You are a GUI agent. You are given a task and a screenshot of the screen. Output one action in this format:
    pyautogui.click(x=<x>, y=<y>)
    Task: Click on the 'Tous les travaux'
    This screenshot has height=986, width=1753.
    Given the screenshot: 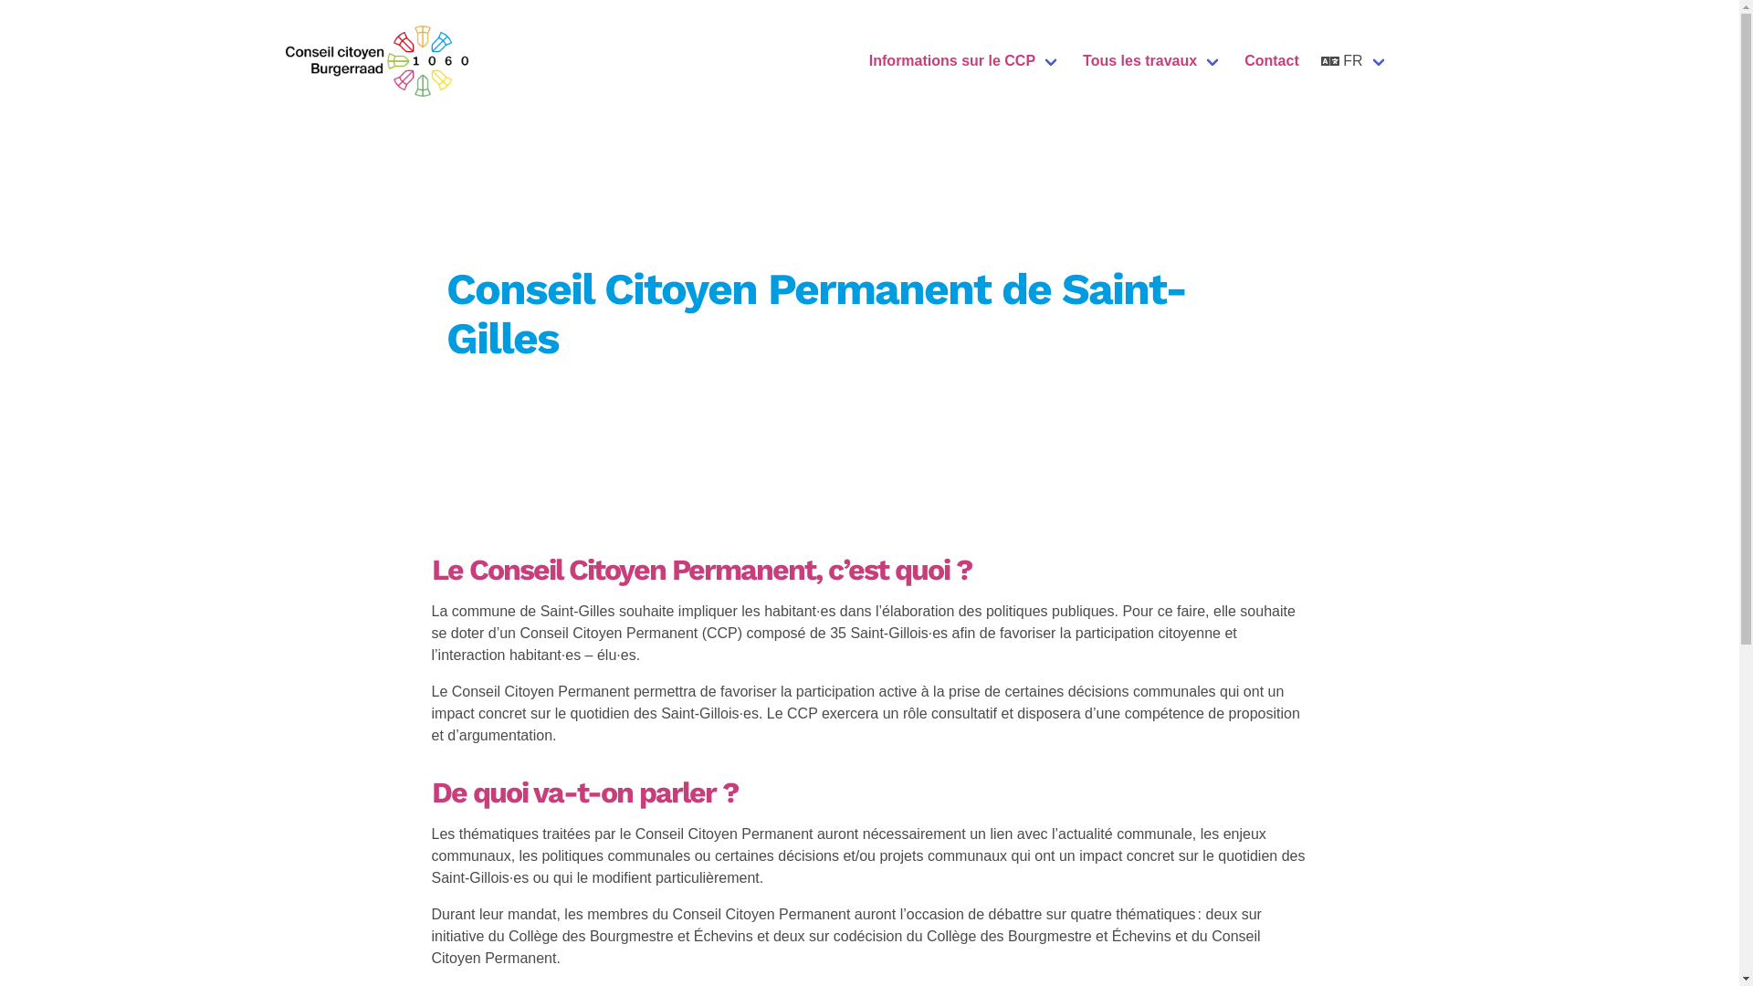 What is the action you would take?
    pyautogui.click(x=1151, y=59)
    